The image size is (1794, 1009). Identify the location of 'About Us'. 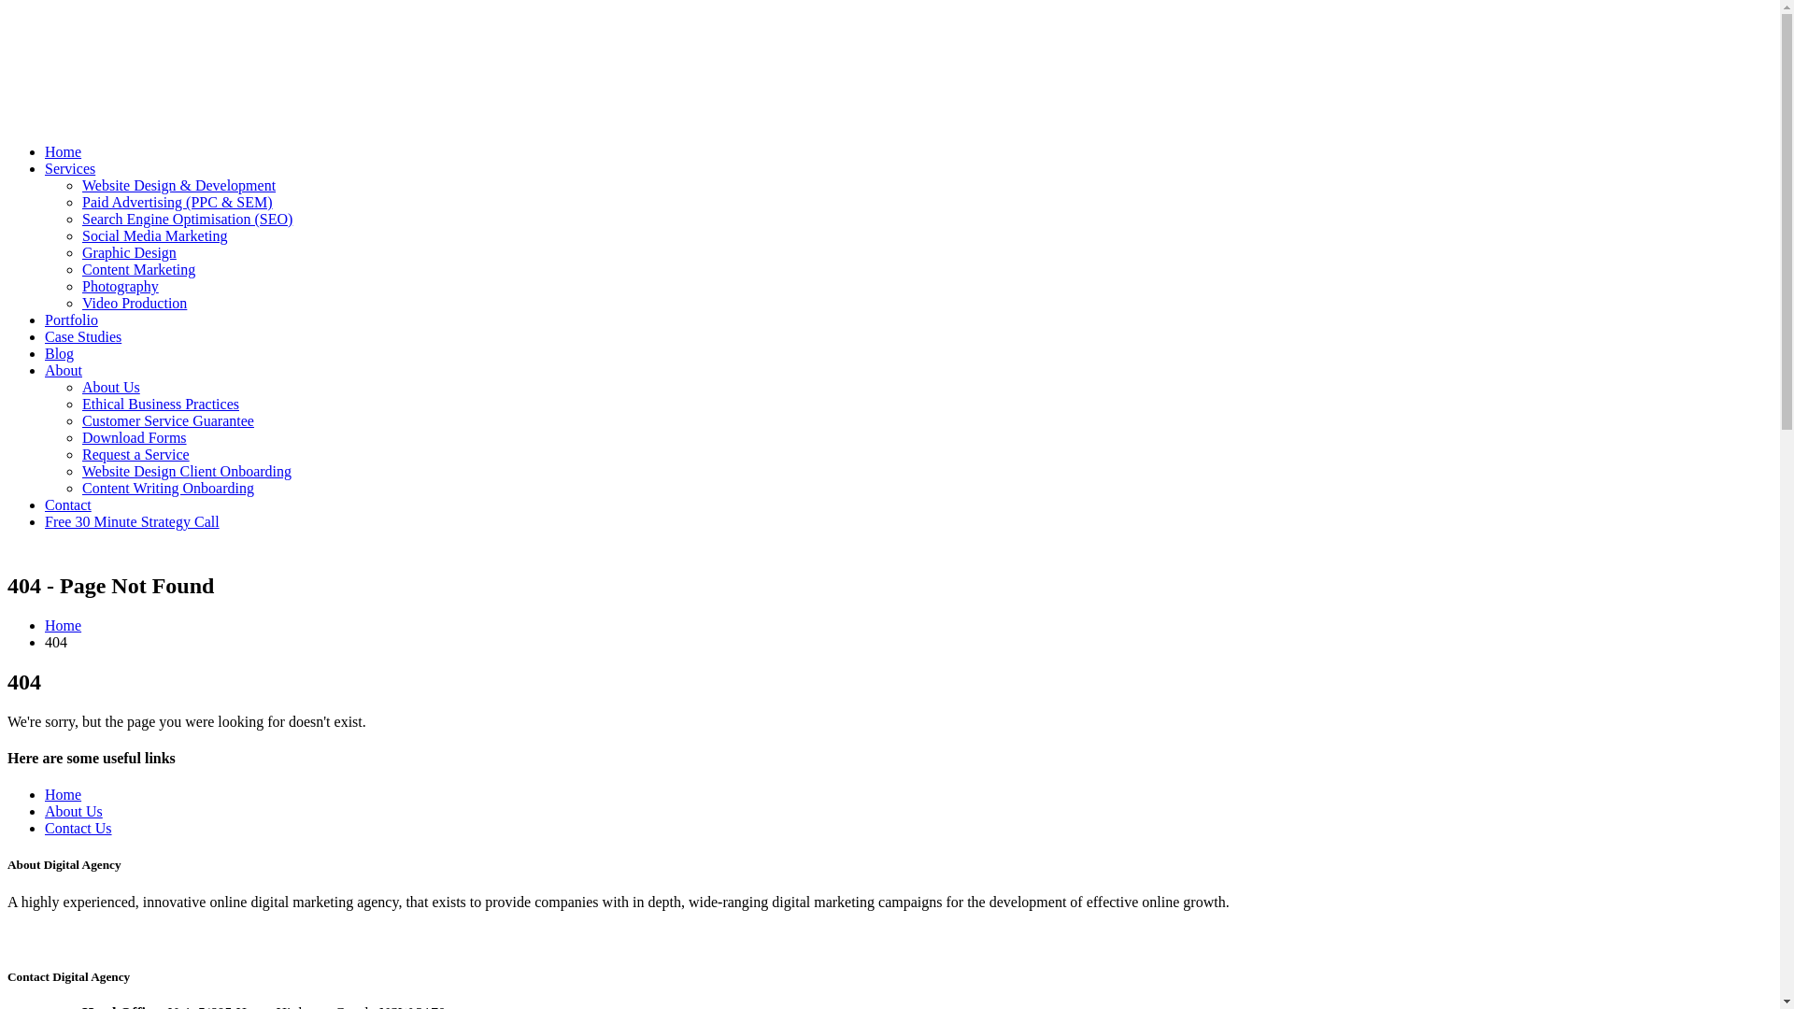
(73, 810).